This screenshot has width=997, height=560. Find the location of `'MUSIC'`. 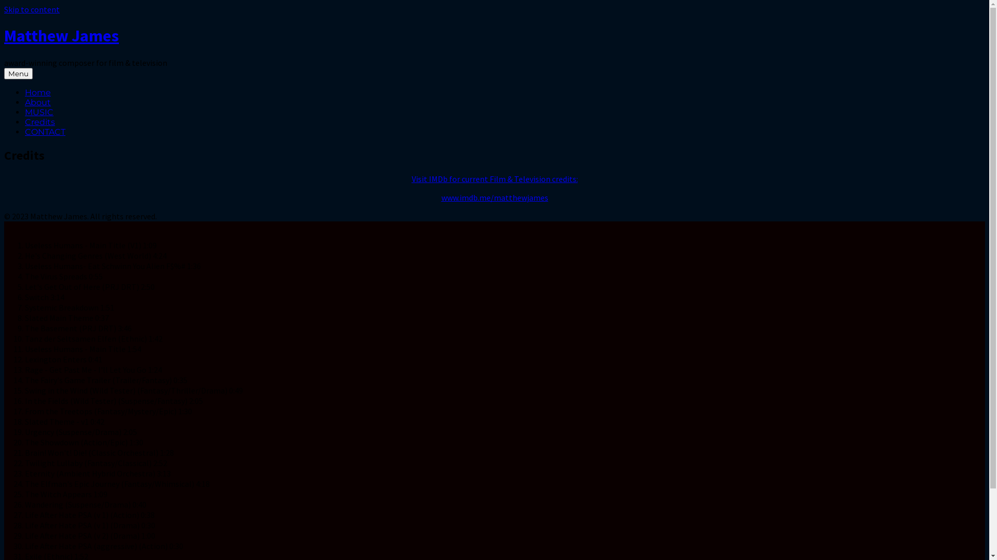

'MUSIC' is located at coordinates (39, 112).